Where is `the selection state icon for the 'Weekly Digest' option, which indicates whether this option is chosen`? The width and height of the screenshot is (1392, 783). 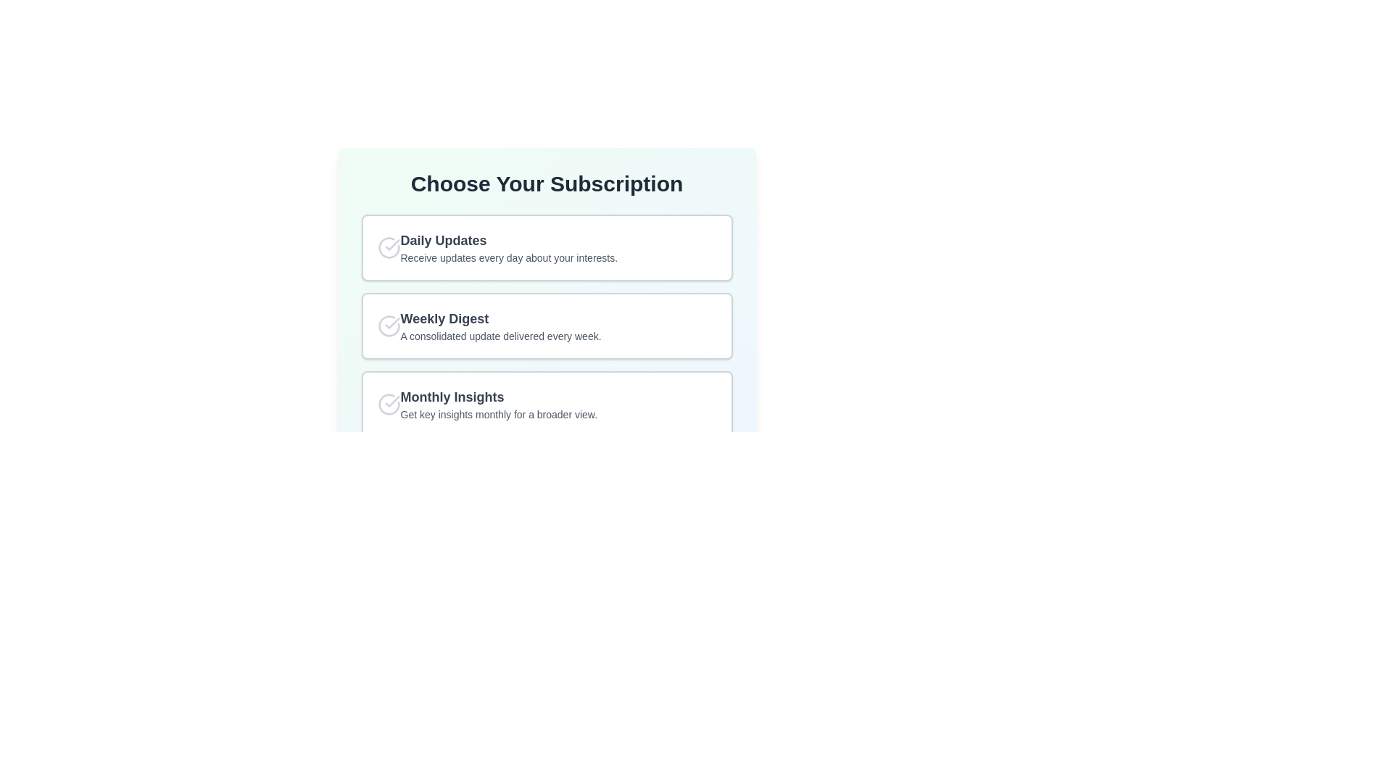
the selection state icon for the 'Weekly Digest' option, which indicates whether this option is chosen is located at coordinates (389, 326).